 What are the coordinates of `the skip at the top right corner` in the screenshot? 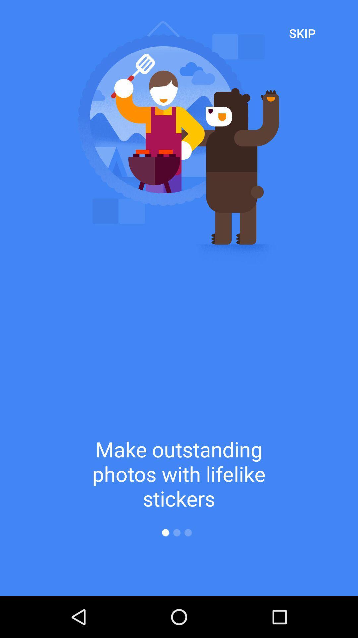 It's located at (302, 33).